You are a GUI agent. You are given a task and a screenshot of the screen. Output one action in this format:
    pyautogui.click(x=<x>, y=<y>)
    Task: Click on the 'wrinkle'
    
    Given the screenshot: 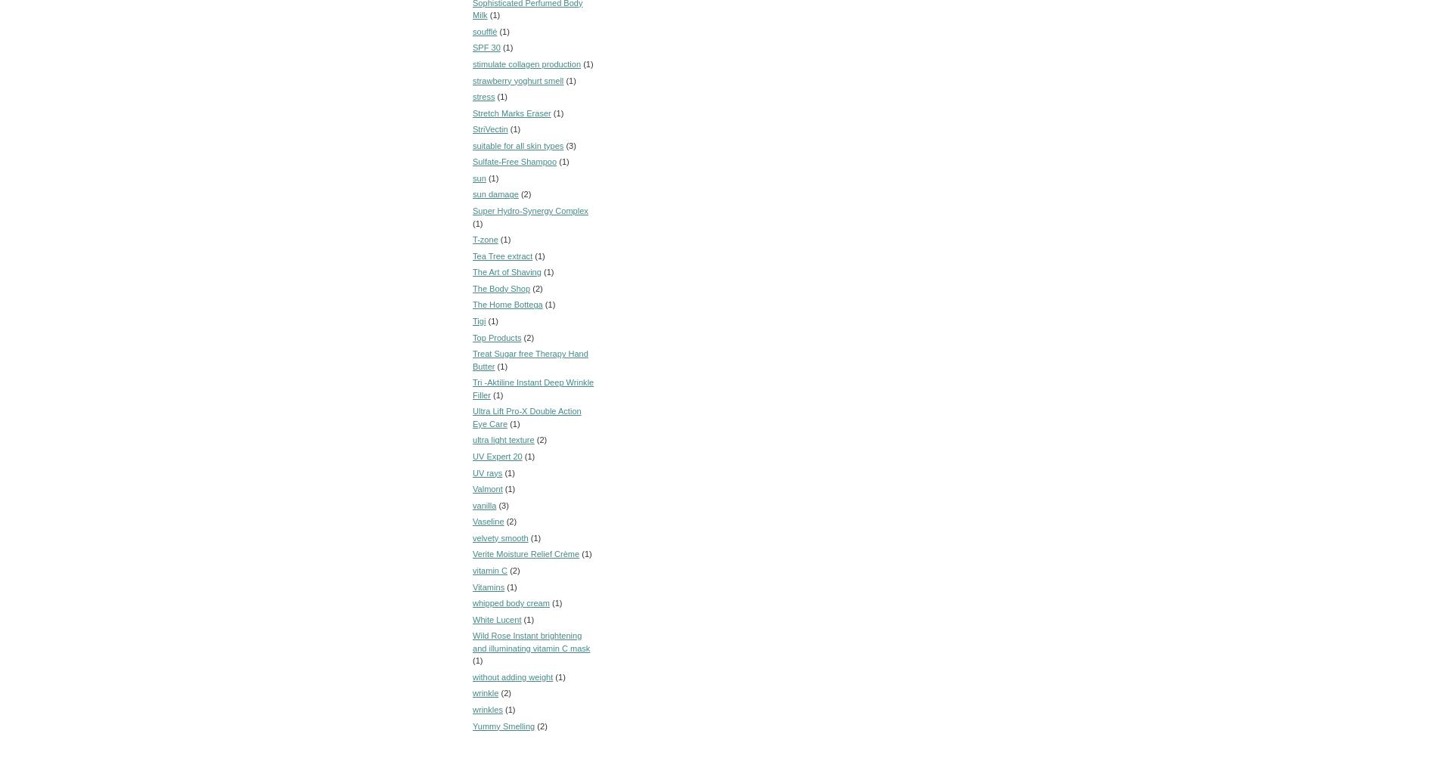 What is the action you would take?
    pyautogui.click(x=472, y=692)
    